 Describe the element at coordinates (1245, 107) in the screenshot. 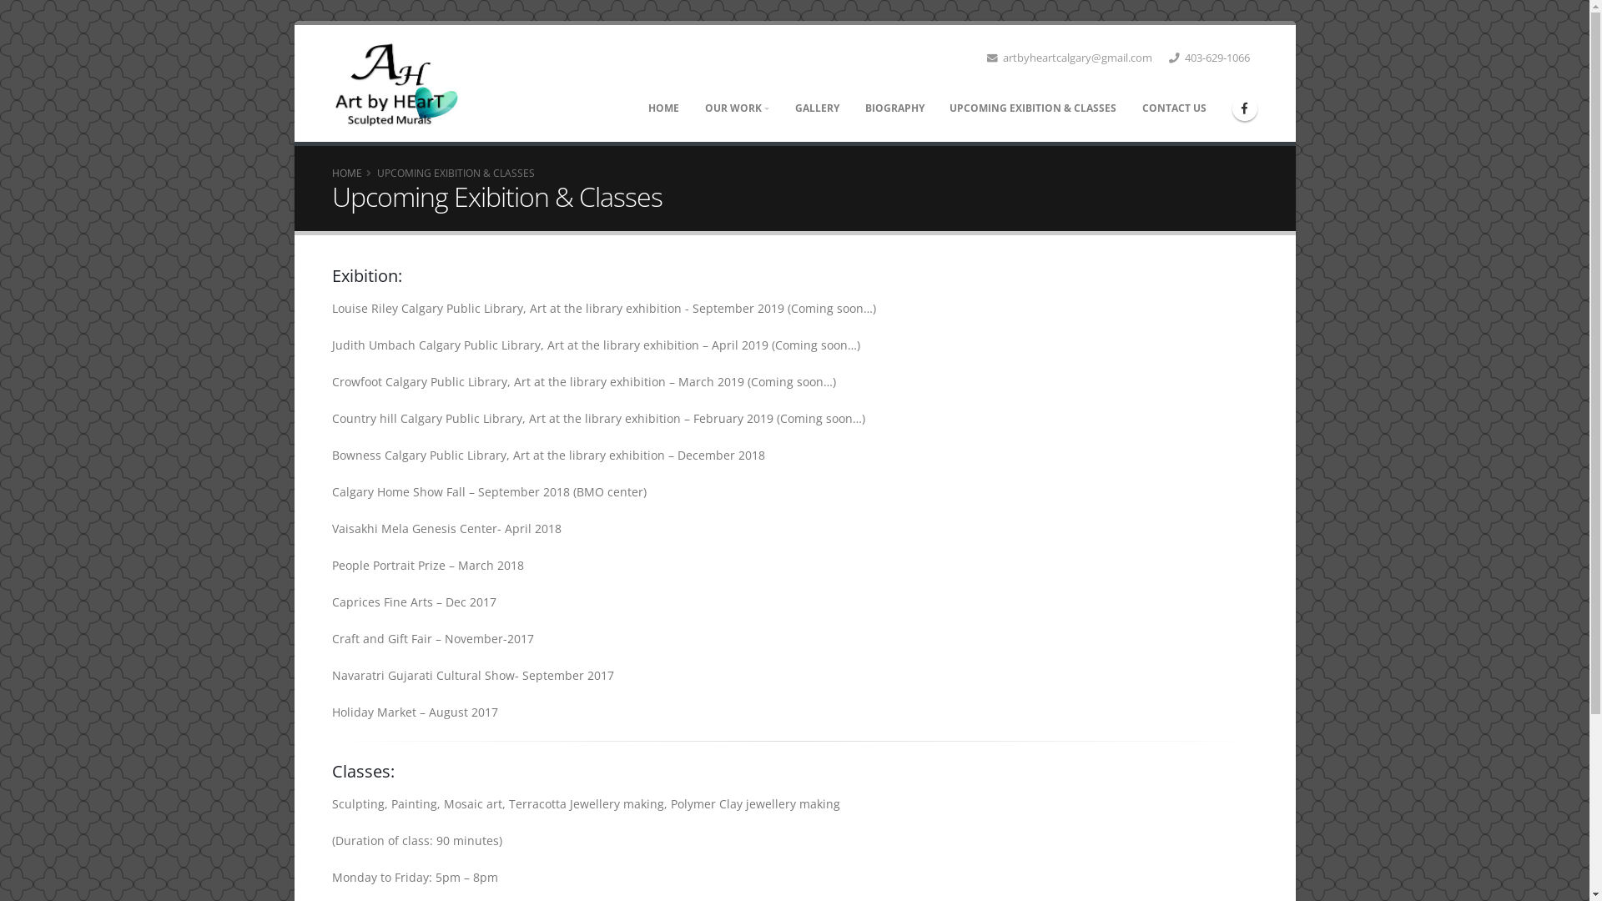

I see `'Facebook'` at that location.